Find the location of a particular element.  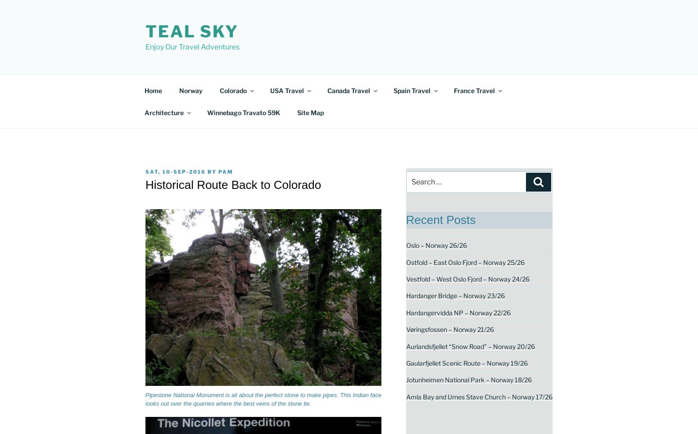

'Colorado' is located at coordinates (219, 90).